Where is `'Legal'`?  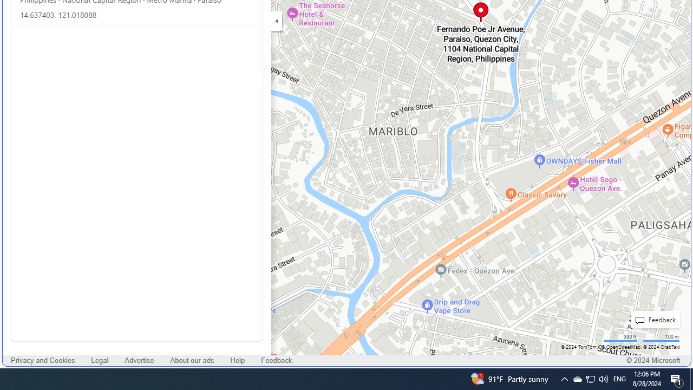
'Legal' is located at coordinates (100, 361).